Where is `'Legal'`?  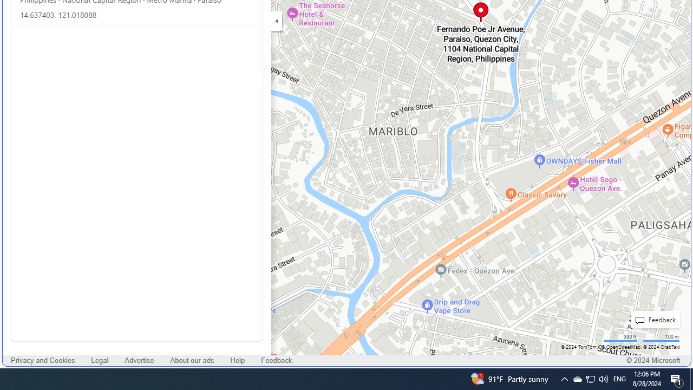
'Legal' is located at coordinates (100, 361).